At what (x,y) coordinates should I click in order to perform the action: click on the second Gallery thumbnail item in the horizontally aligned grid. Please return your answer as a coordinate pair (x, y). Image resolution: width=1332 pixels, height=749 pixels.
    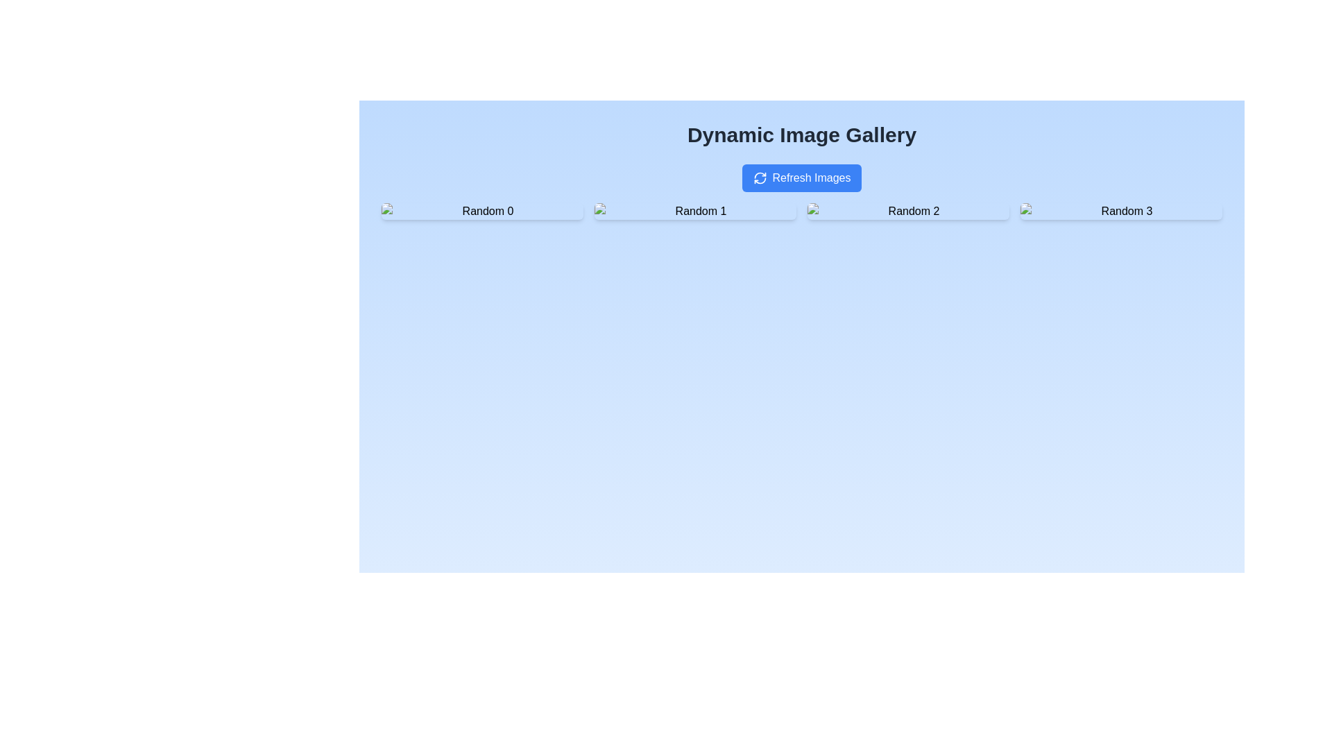
    Looking at the image, I should click on (695, 211).